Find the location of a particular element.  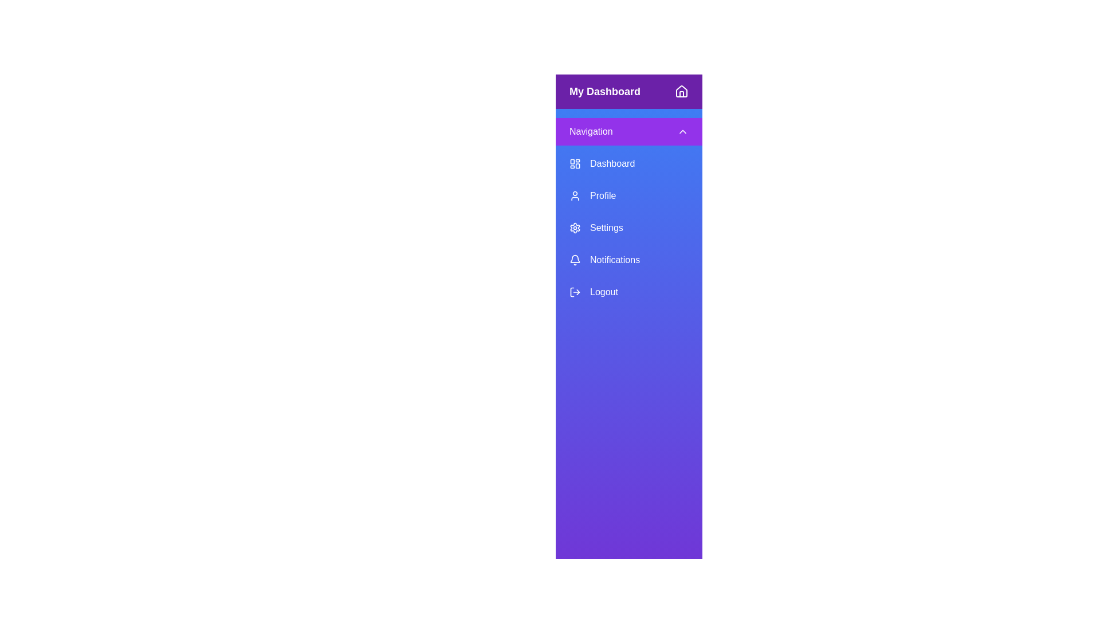

the Logout icon located at the bottom of the sidebar menu, which is visually represented by an icon indicating the logout action is located at coordinates (575, 291).